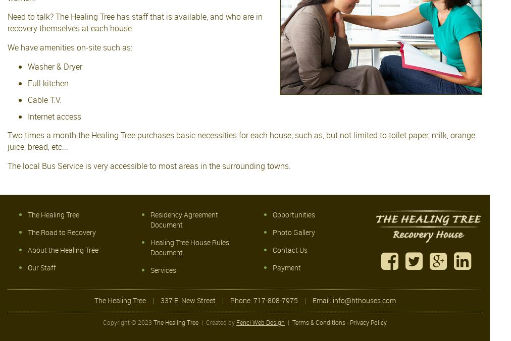 The width and height of the screenshot is (511, 341). Describe the element at coordinates (260, 322) in the screenshot. I see `'Fencl Web Design'` at that location.